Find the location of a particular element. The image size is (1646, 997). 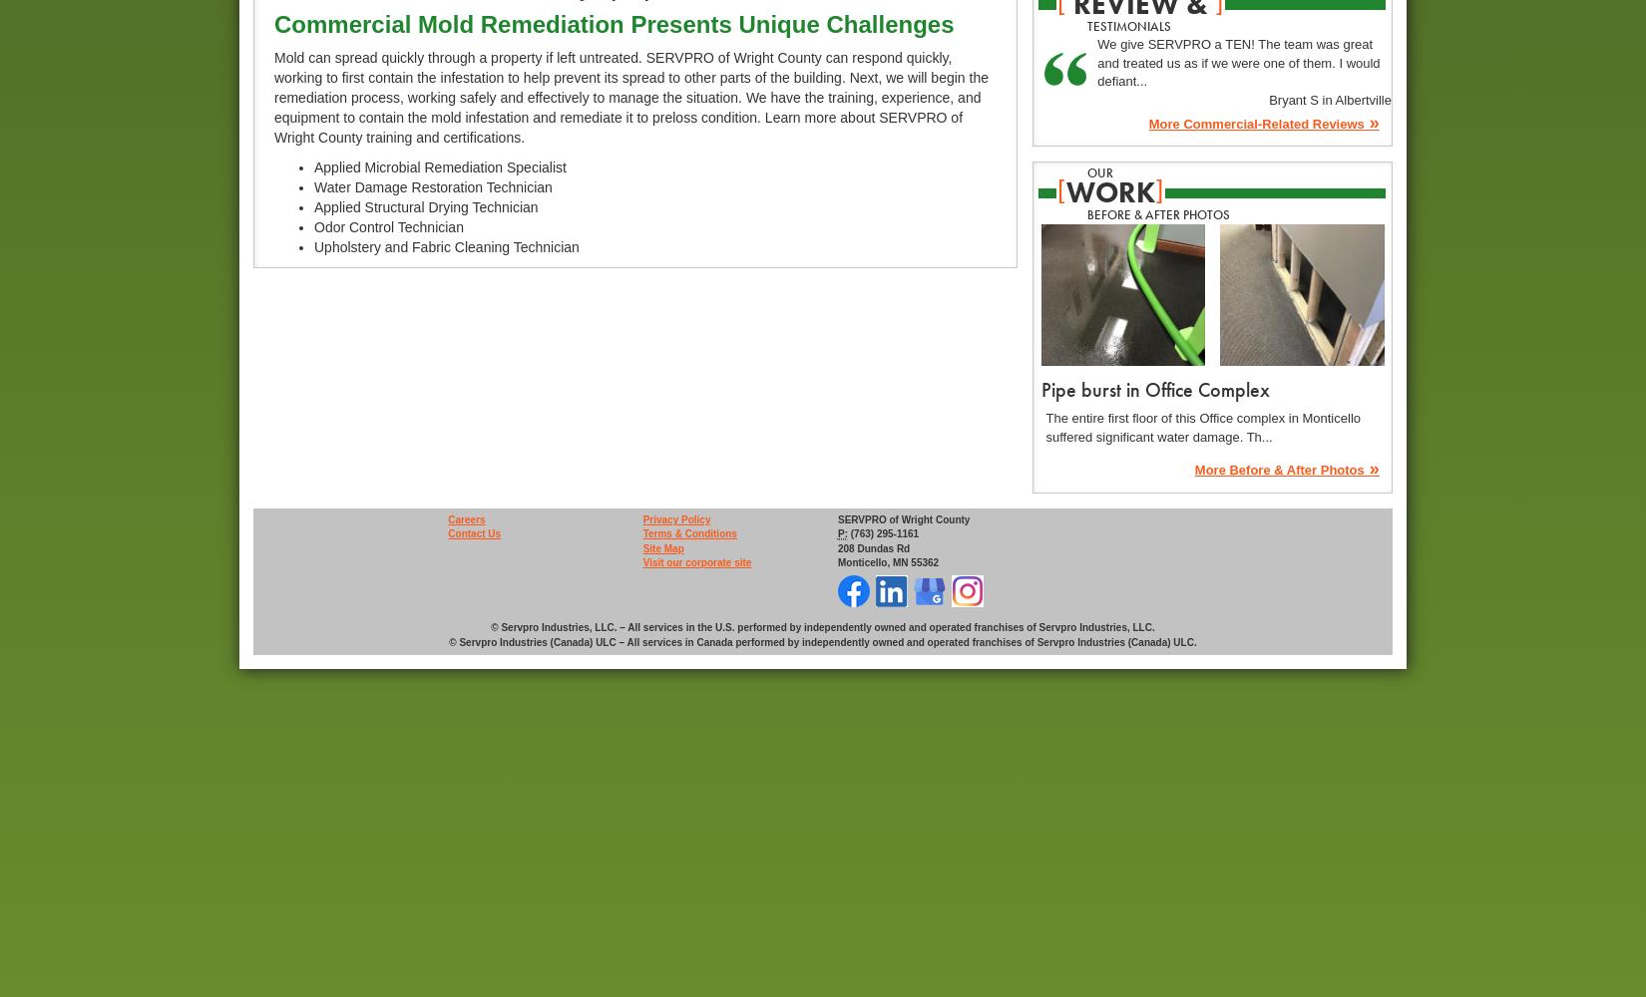

'Terms & Conditions' is located at coordinates (688, 533).